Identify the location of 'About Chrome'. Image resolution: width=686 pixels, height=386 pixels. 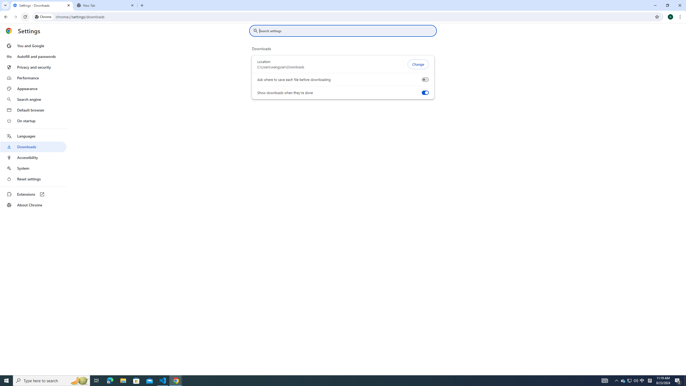
(33, 205).